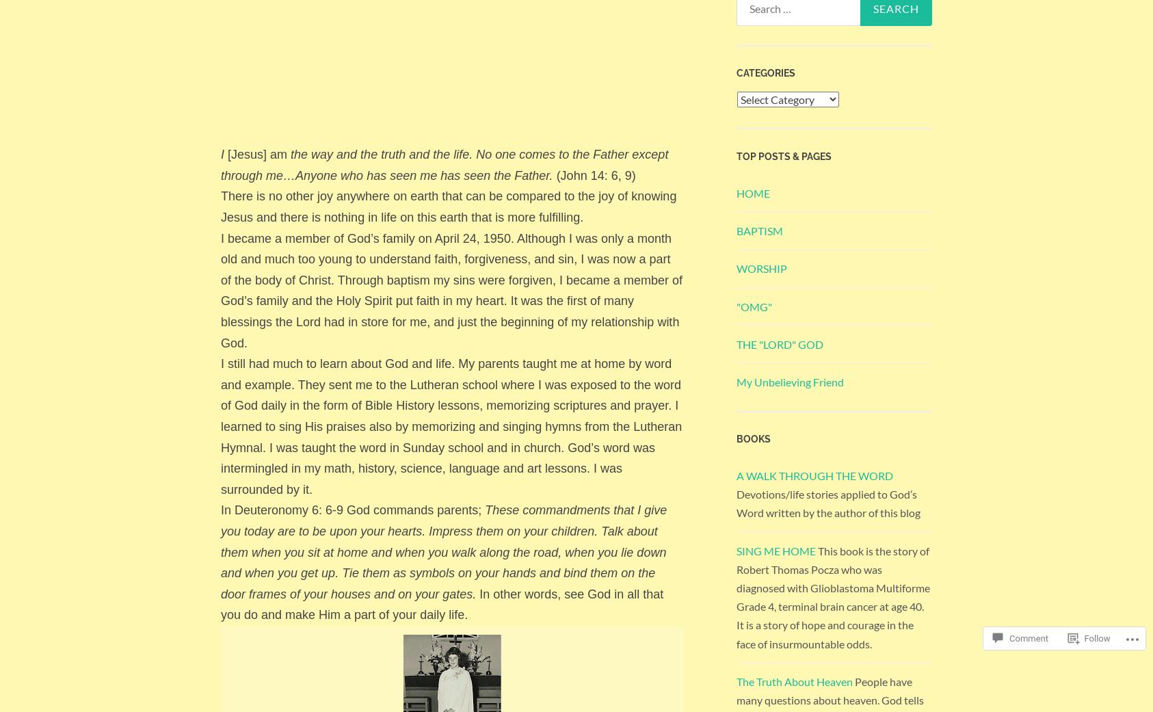 Image resolution: width=1153 pixels, height=712 pixels. What do you see at coordinates (451, 289) in the screenshot?
I see `'I became a member of God’s family on April 24, 1950. Although I was only a month old and much too young to understand faith, forgiveness, and sin, I was now a part of the body of Christ. Through baptism my sins were forgiven, I became a member of God’s family and the Holy Spirit put faith in my heart. It was the first of many blessings the Lord had in store for me, and just the beginning of my relationship with God.'` at bounding box center [451, 289].